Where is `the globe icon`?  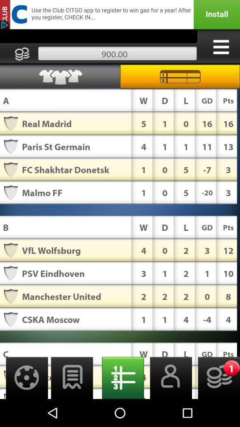 the globe icon is located at coordinates (24, 404).